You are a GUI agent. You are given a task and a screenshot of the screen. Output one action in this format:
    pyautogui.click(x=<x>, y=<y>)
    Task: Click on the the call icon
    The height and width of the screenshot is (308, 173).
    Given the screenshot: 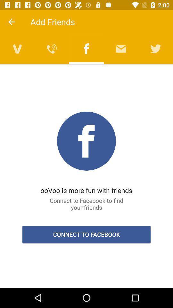 What is the action you would take?
    pyautogui.click(x=52, y=48)
    